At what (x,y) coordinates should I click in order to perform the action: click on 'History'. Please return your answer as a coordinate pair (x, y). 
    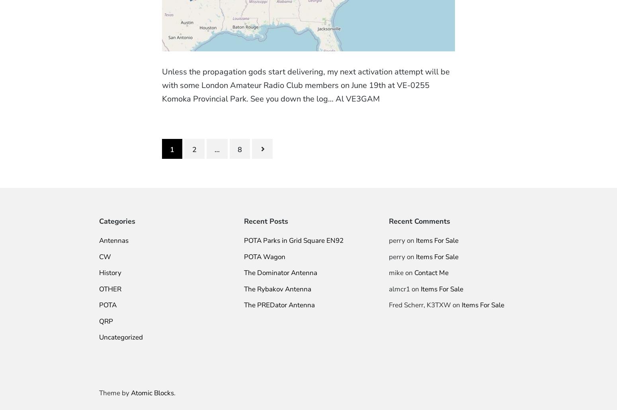
    Looking at the image, I should click on (110, 272).